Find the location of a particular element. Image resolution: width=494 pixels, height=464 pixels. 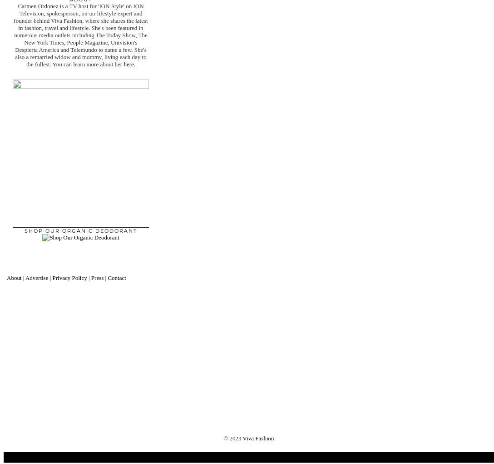

'Advertise' is located at coordinates (25, 277).